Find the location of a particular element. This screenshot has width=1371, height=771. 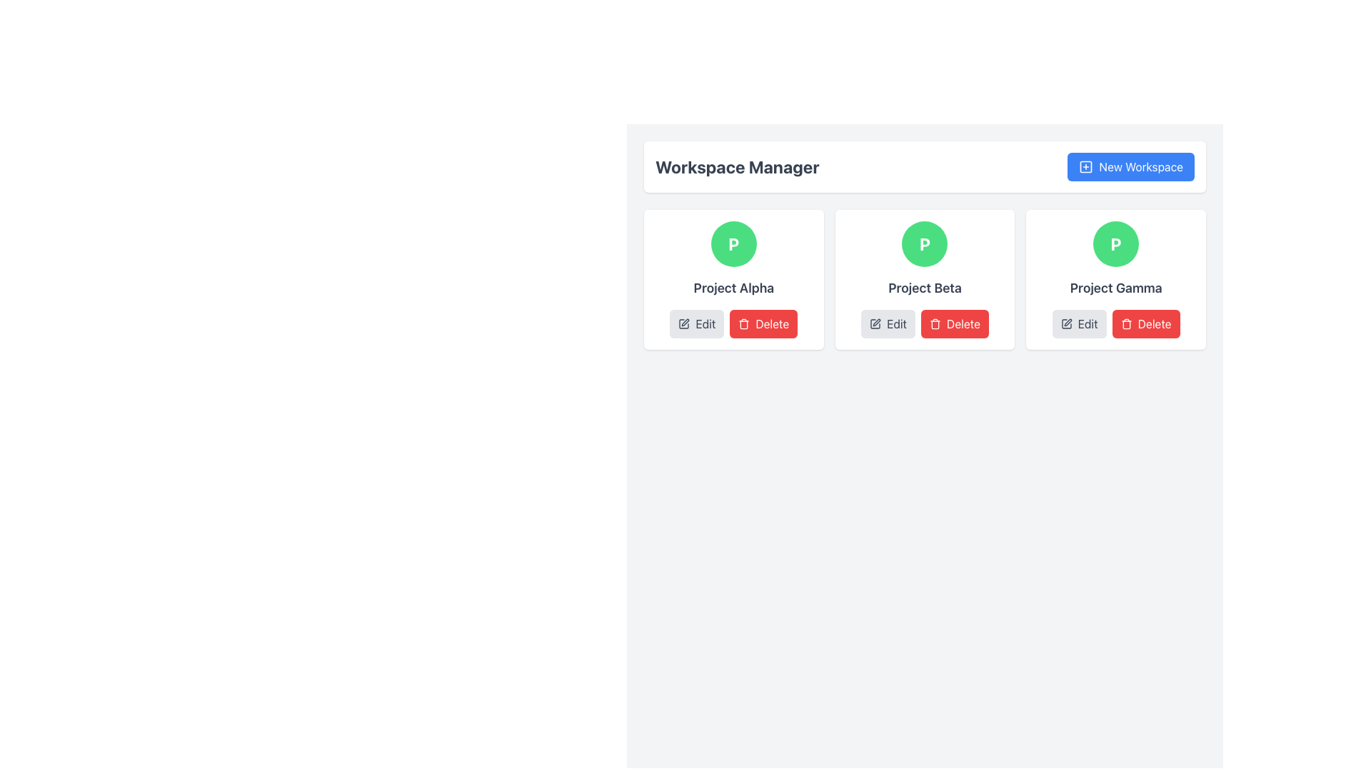

the square icon with a plus sign inside the 'New Workspace' button located in the top-right corner of the interface is located at coordinates (1085, 166).